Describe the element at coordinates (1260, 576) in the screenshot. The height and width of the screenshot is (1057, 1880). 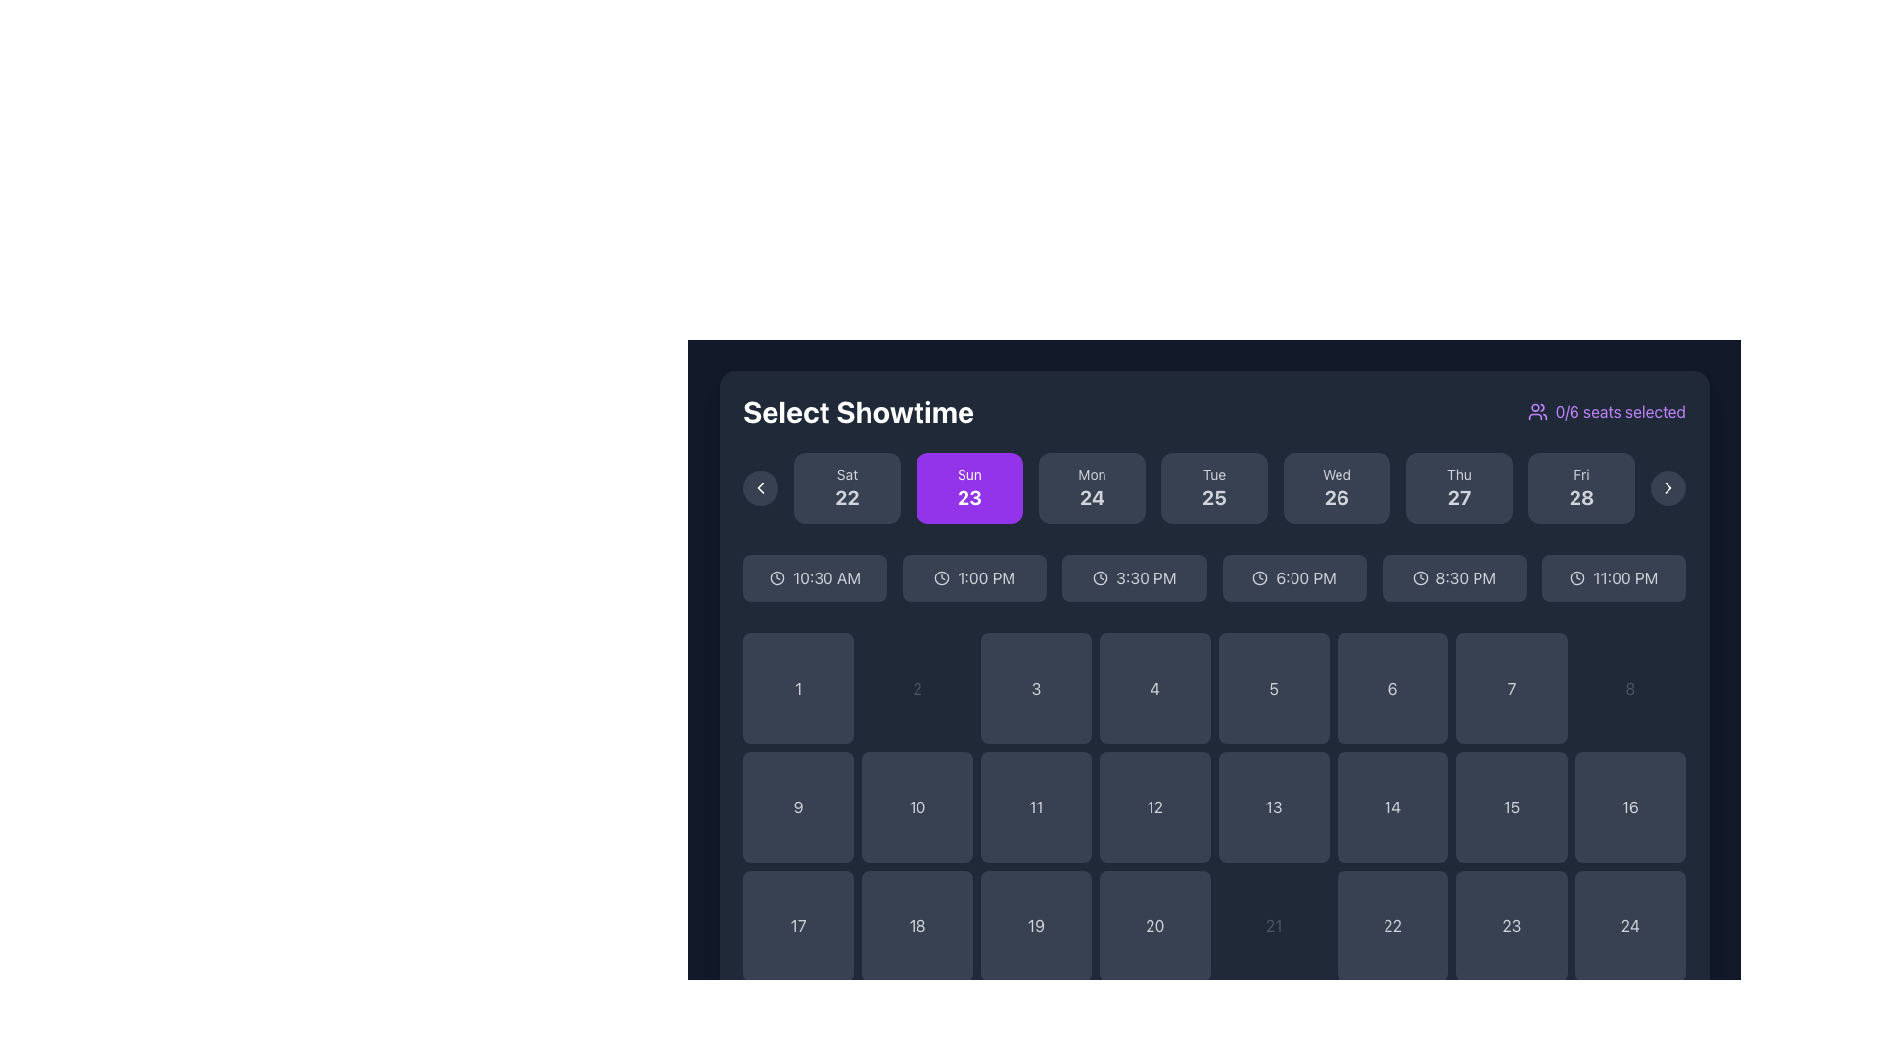
I see `the time icon associated with the '6:00 PM' button for accessibility tools` at that location.